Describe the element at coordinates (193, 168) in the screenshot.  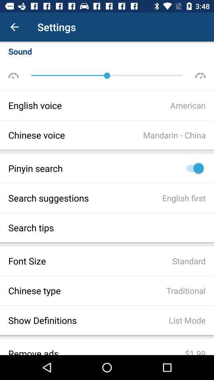
I see `pinyin option` at that location.